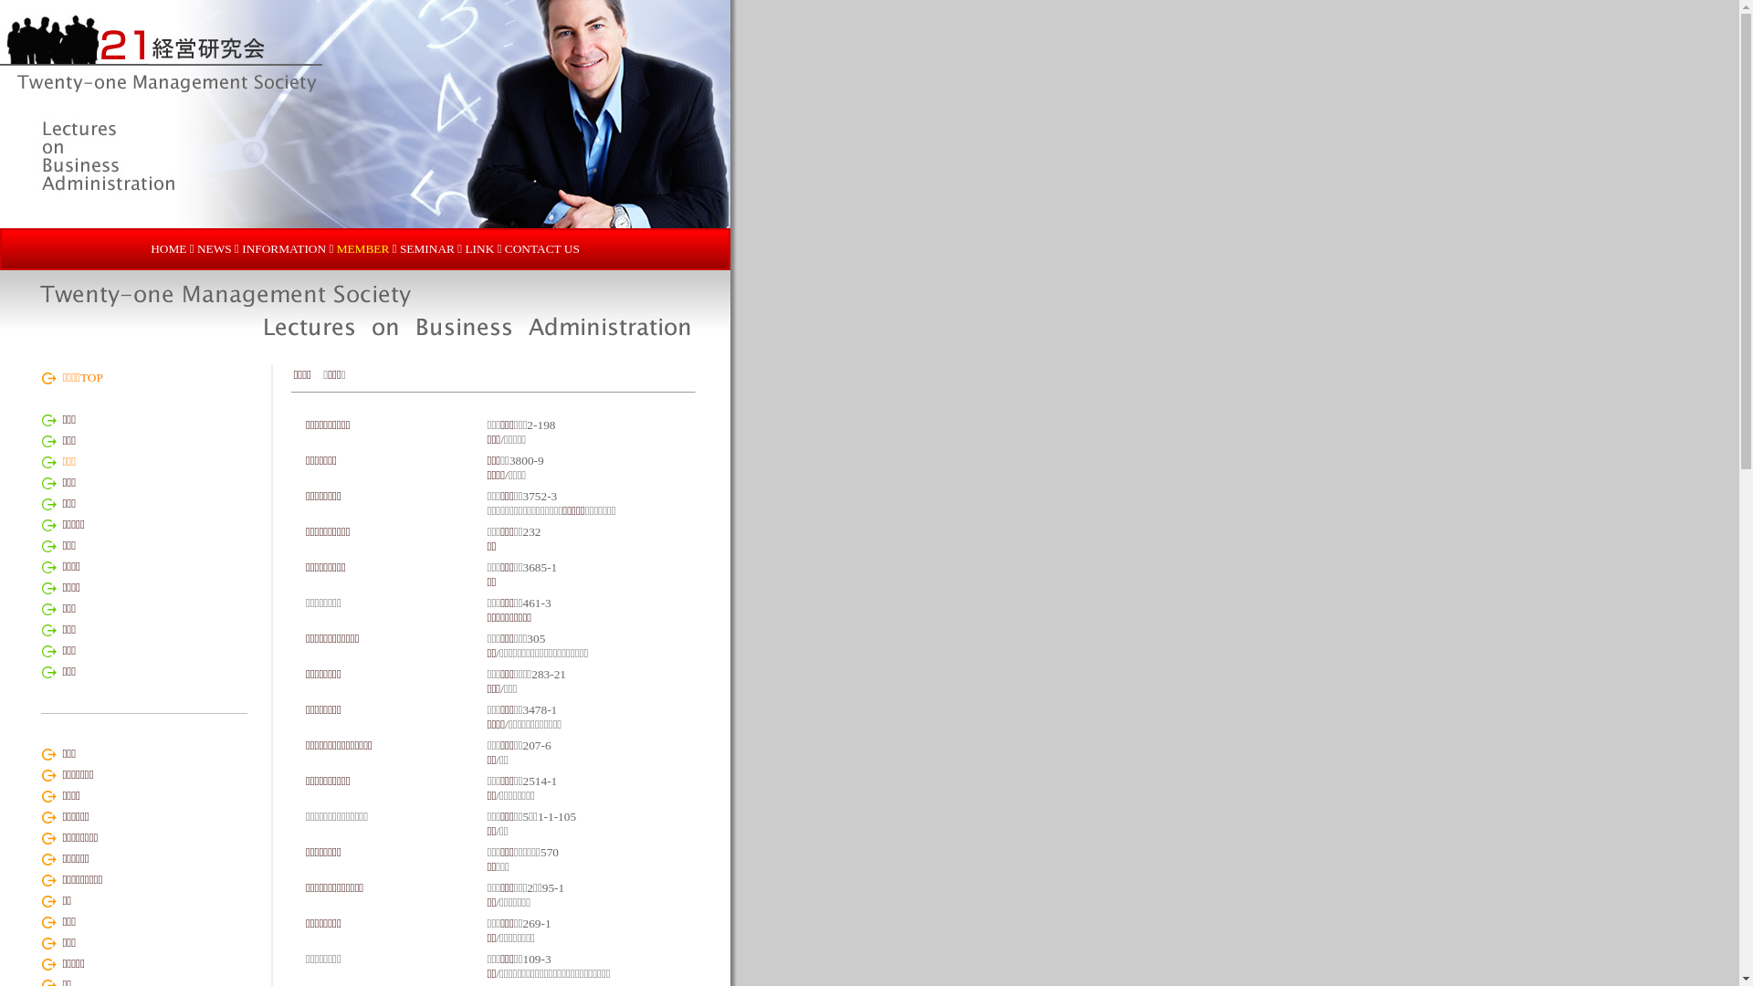 This screenshot has height=986, width=1753. What do you see at coordinates (504, 248) in the screenshot?
I see `'CONTACT US'` at bounding box center [504, 248].